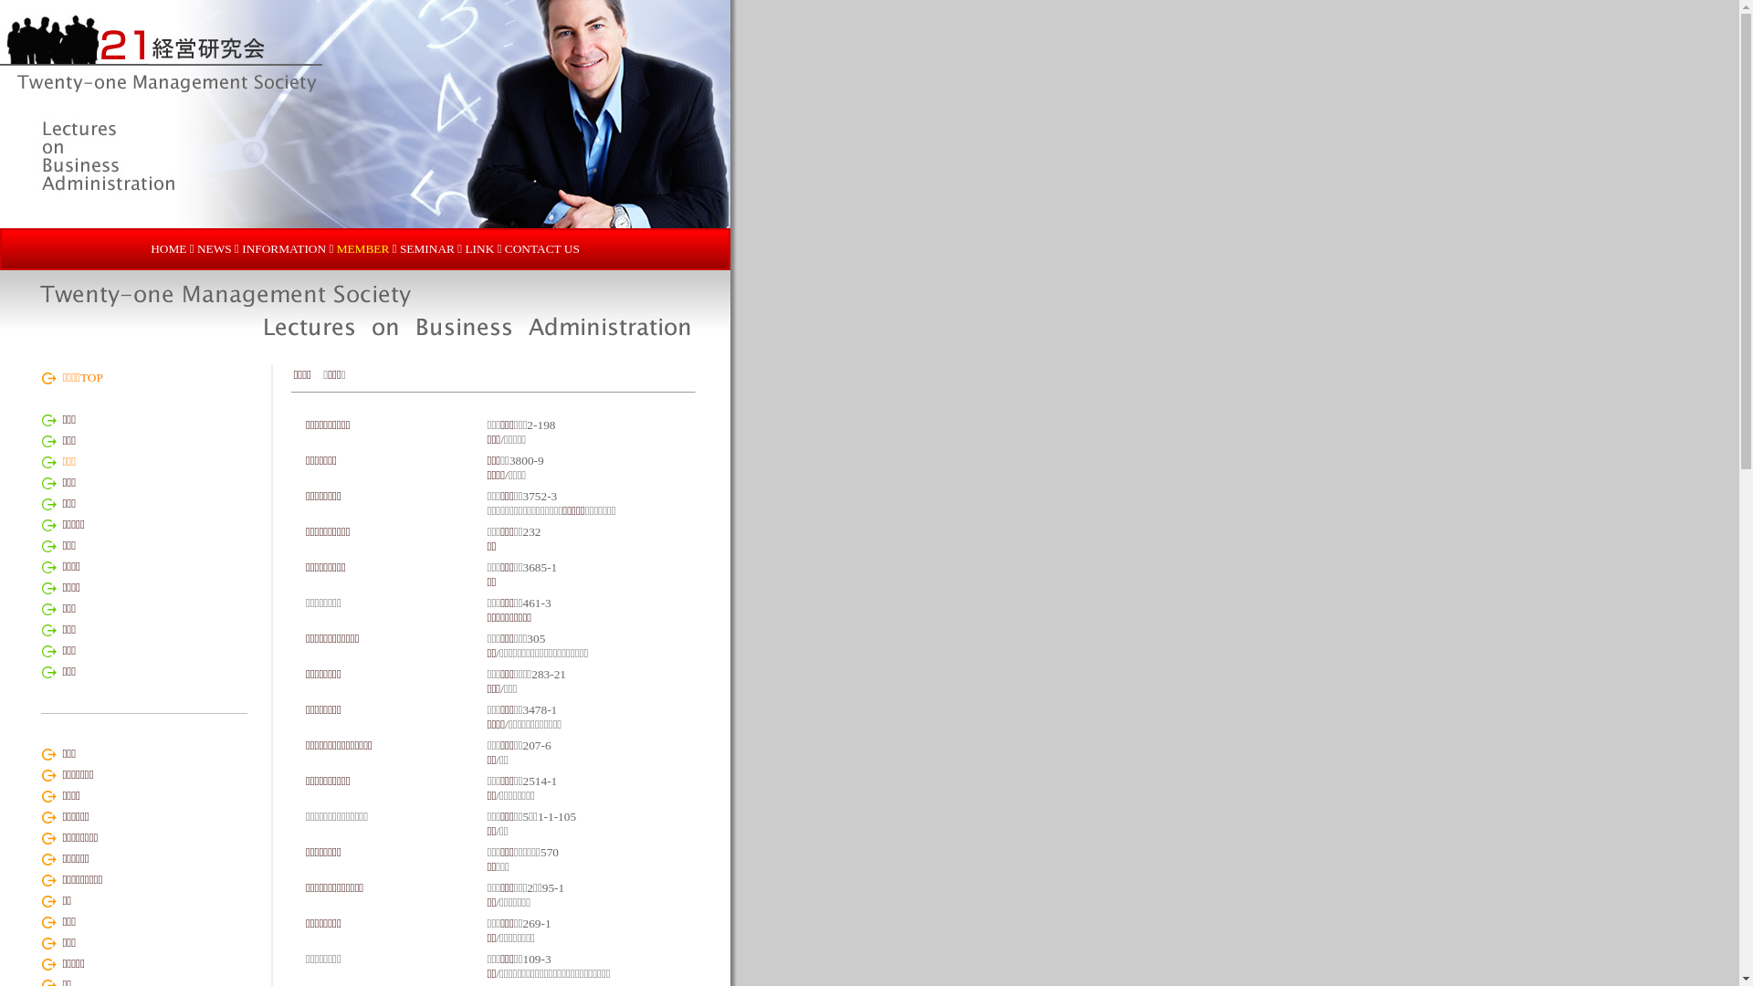 This screenshot has height=986, width=1753. What do you see at coordinates (504, 248) in the screenshot?
I see `'CONTACT US'` at bounding box center [504, 248].